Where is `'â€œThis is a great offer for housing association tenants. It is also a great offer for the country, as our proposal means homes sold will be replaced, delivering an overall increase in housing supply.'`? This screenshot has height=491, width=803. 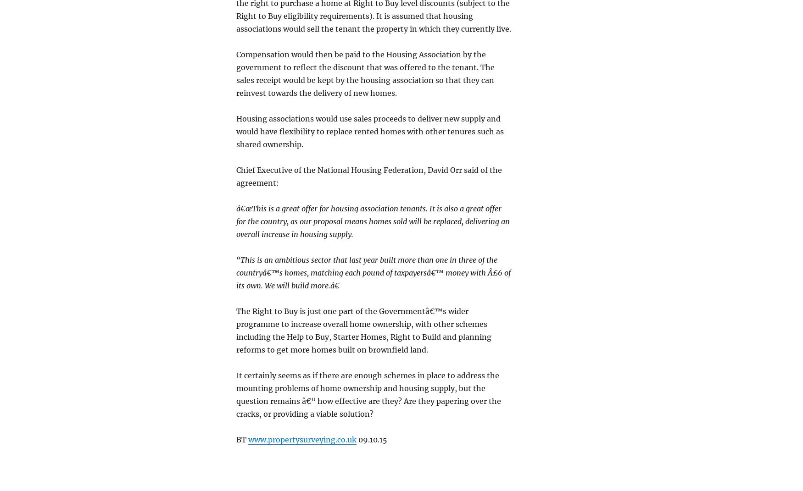
'â€œThis is a great offer for housing association tenants. It is also a great offer for the country, as our proposal means homes sold will be replaced, delivering an overall increase in housing supply.' is located at coordinates (373, 220).